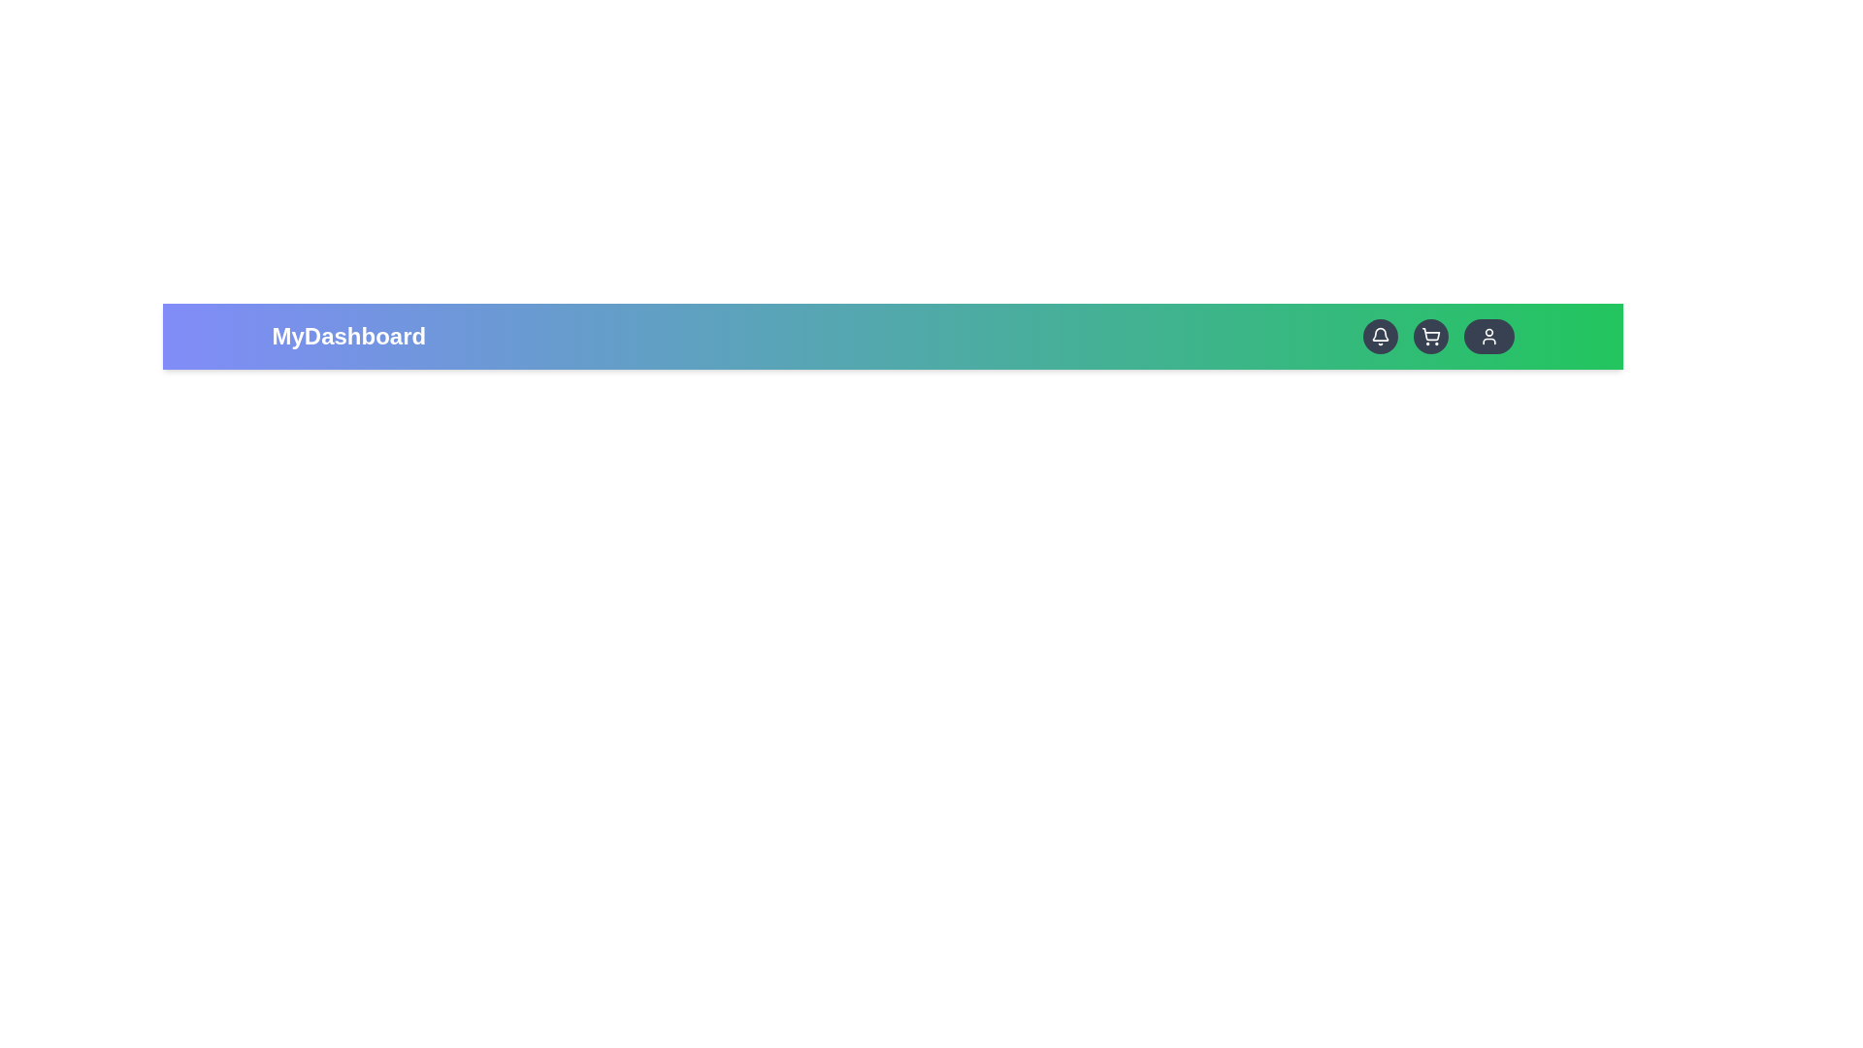 The height and width of the screenshot is (1048, 1863). Describe the element at coordinates (1487, 336) in the screenshot. I see `user icon button to access the user profile` at that location.